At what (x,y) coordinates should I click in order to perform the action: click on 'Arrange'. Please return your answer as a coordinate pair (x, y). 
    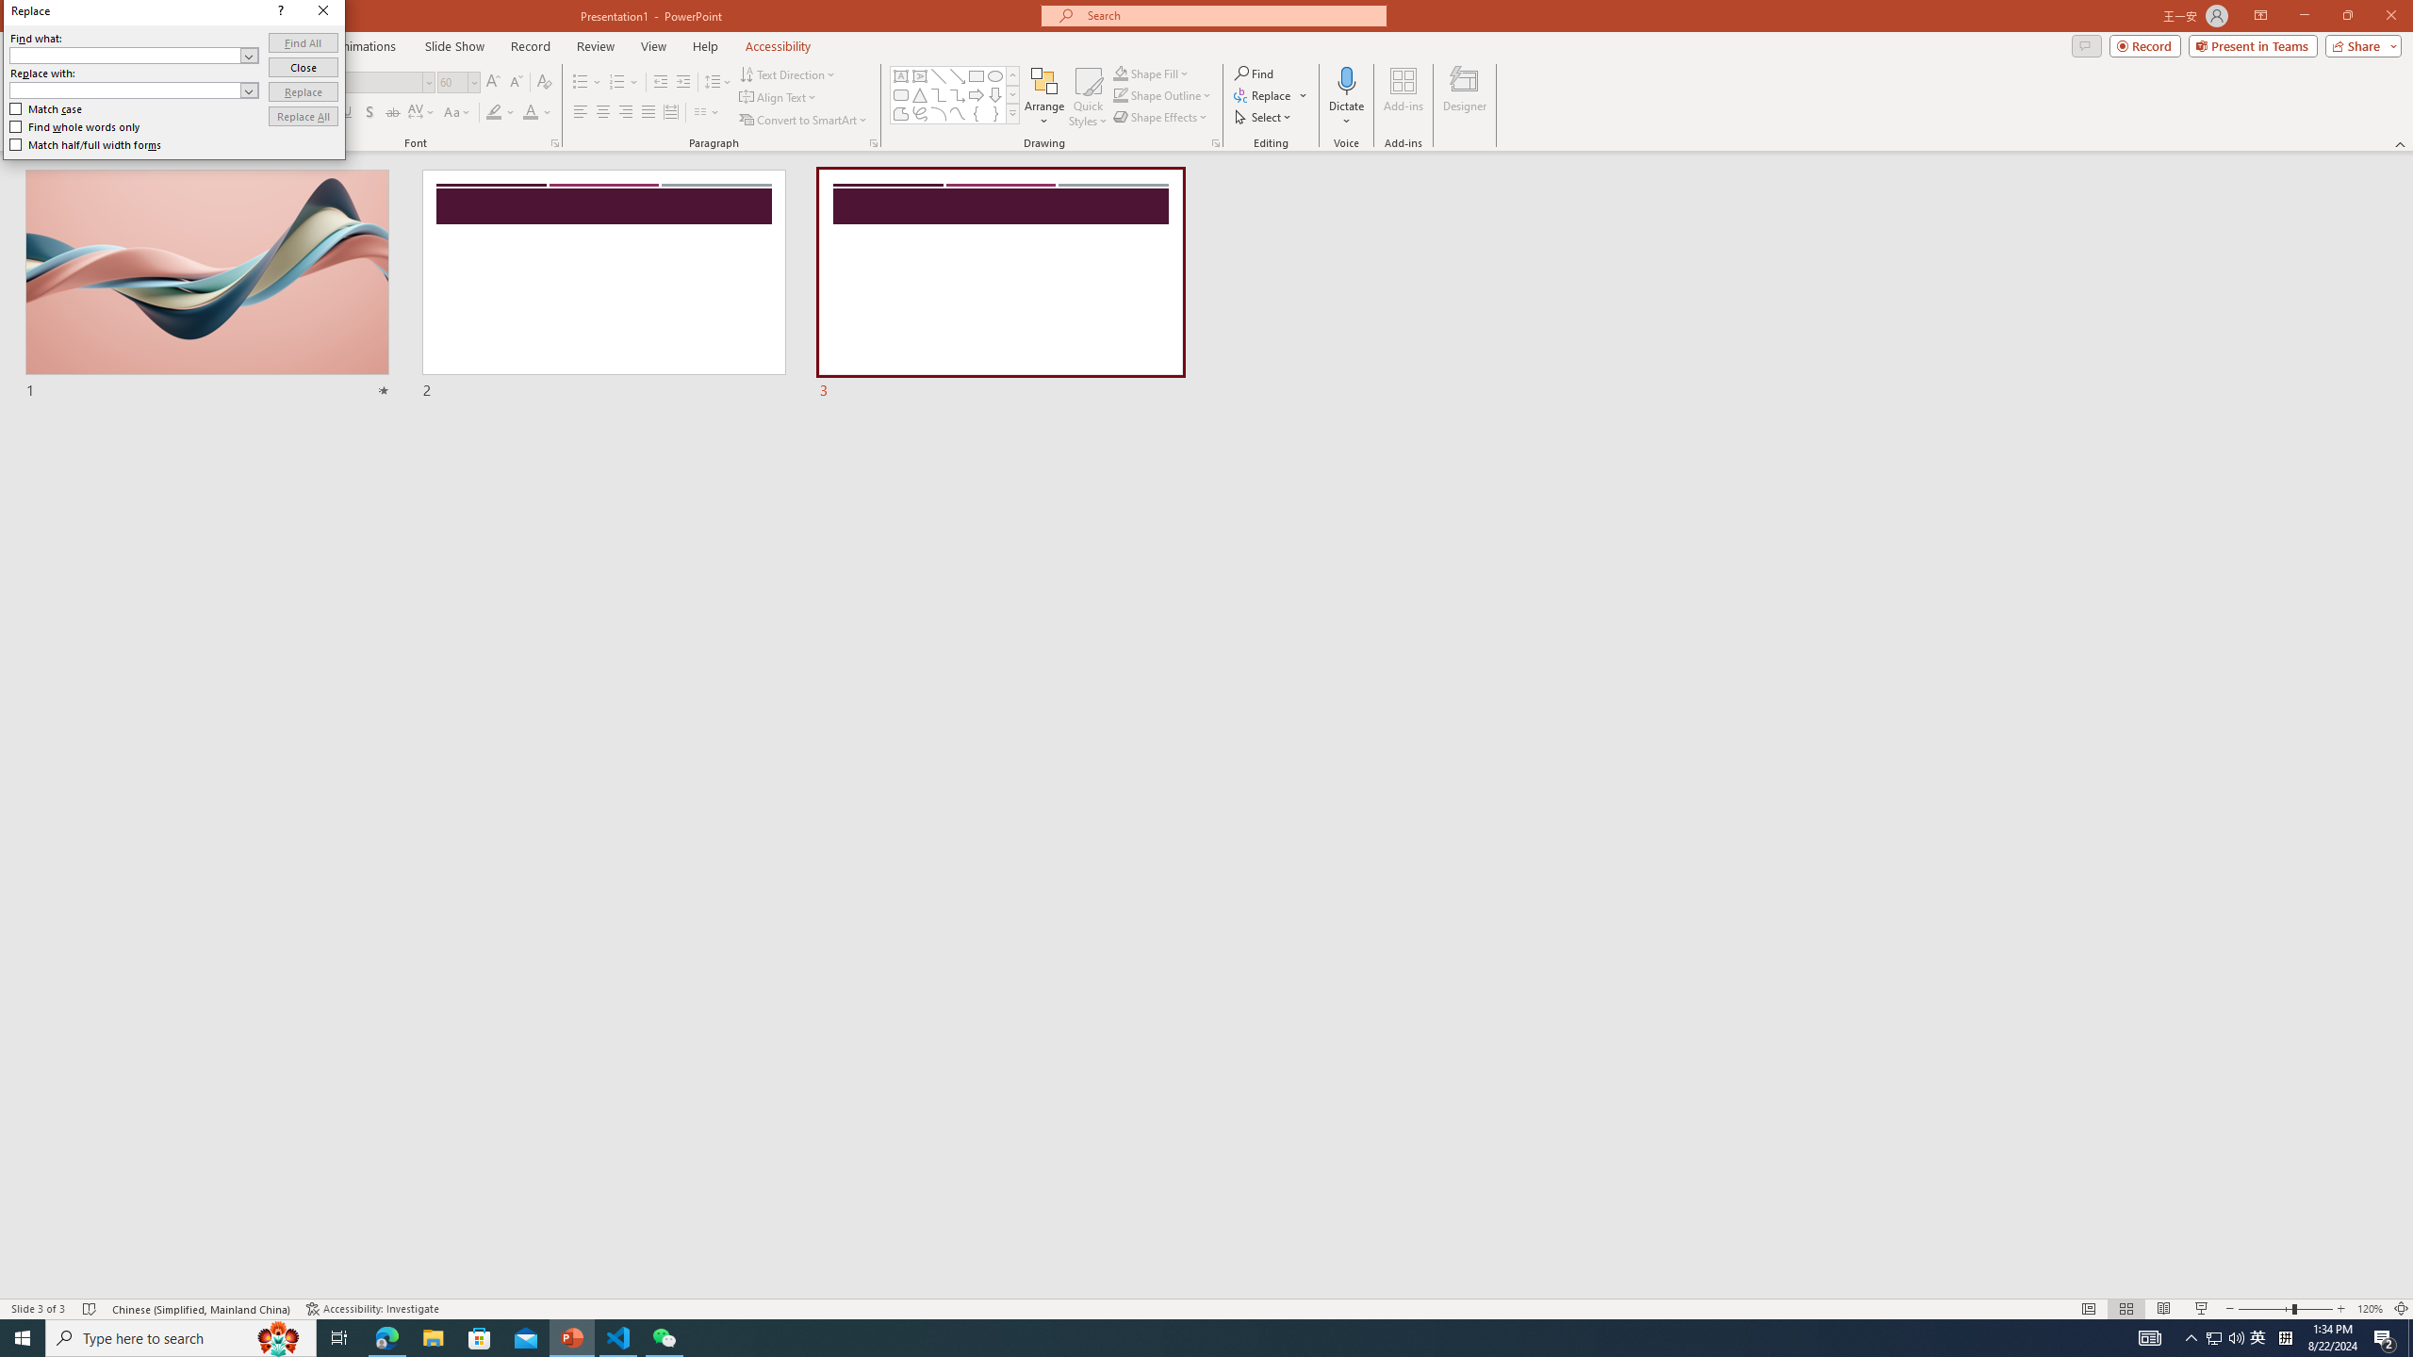
    Looking at the image, I should click on (1044, 97).